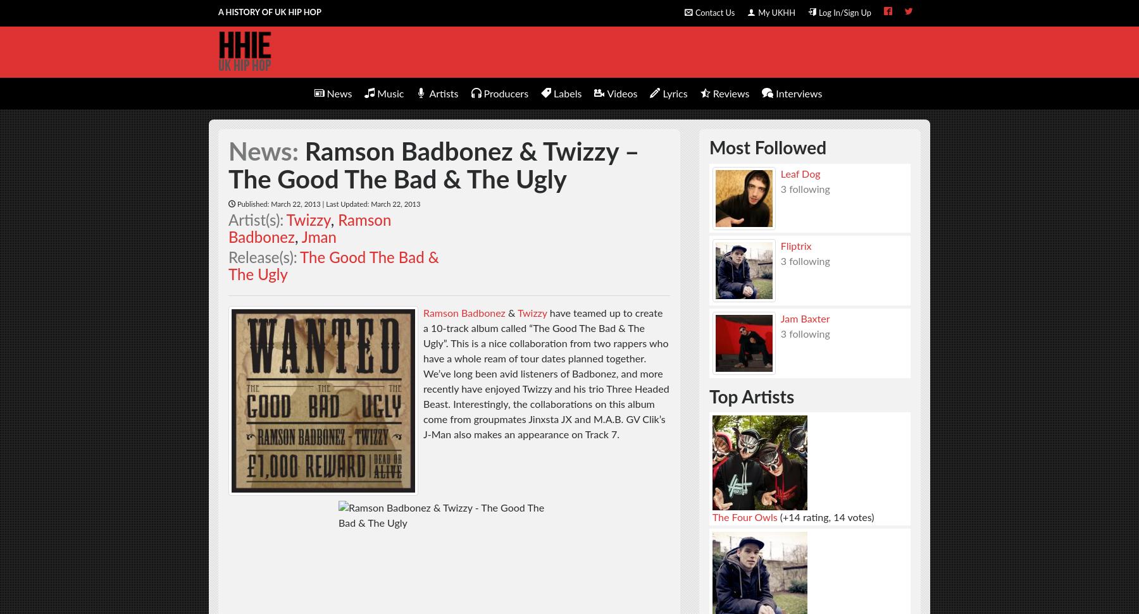 This screenshot has width=1139, height=614. I want to click on 'Leaf Dog', so click(800, 173).